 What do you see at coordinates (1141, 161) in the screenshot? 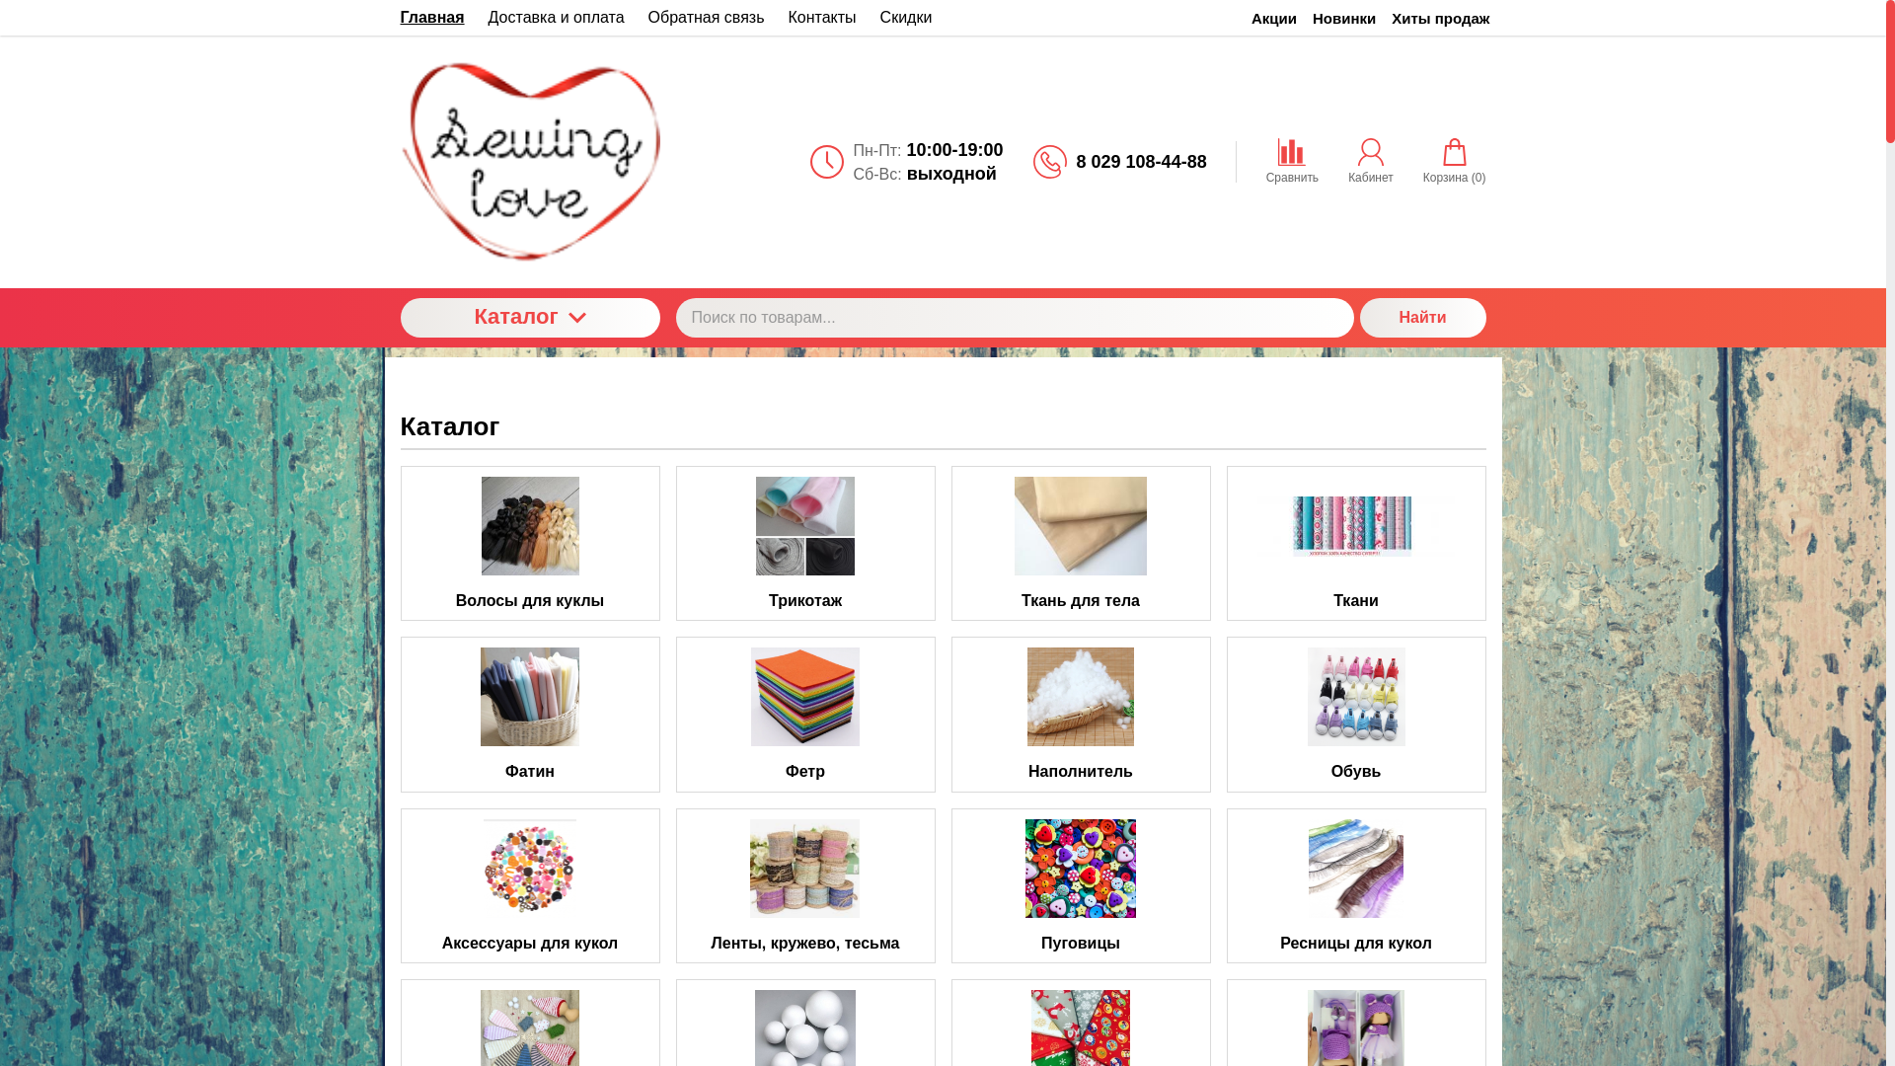
I see `'8 029 108-44-88'` at bounding box center [1141, 161].